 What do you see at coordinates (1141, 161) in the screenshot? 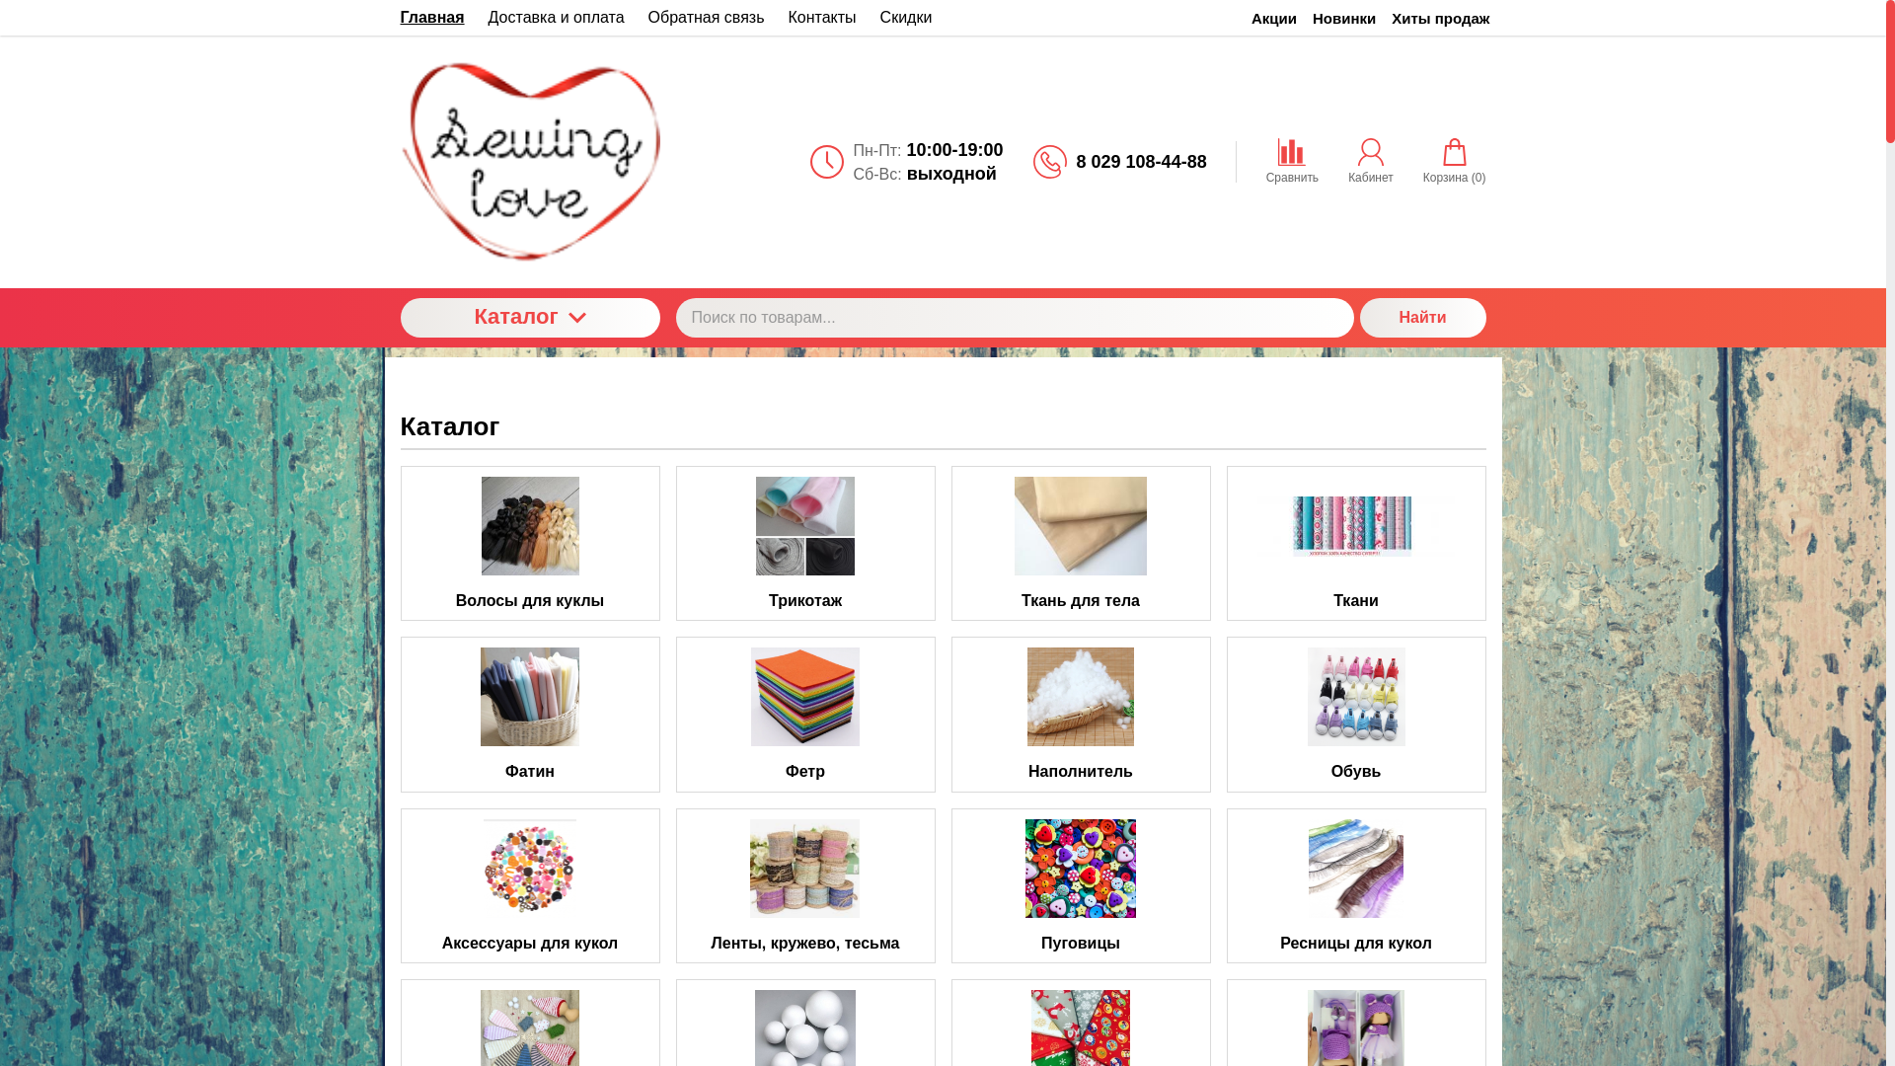
I see `'8 029 108-44-88'` at bounding box center [1141, 161].